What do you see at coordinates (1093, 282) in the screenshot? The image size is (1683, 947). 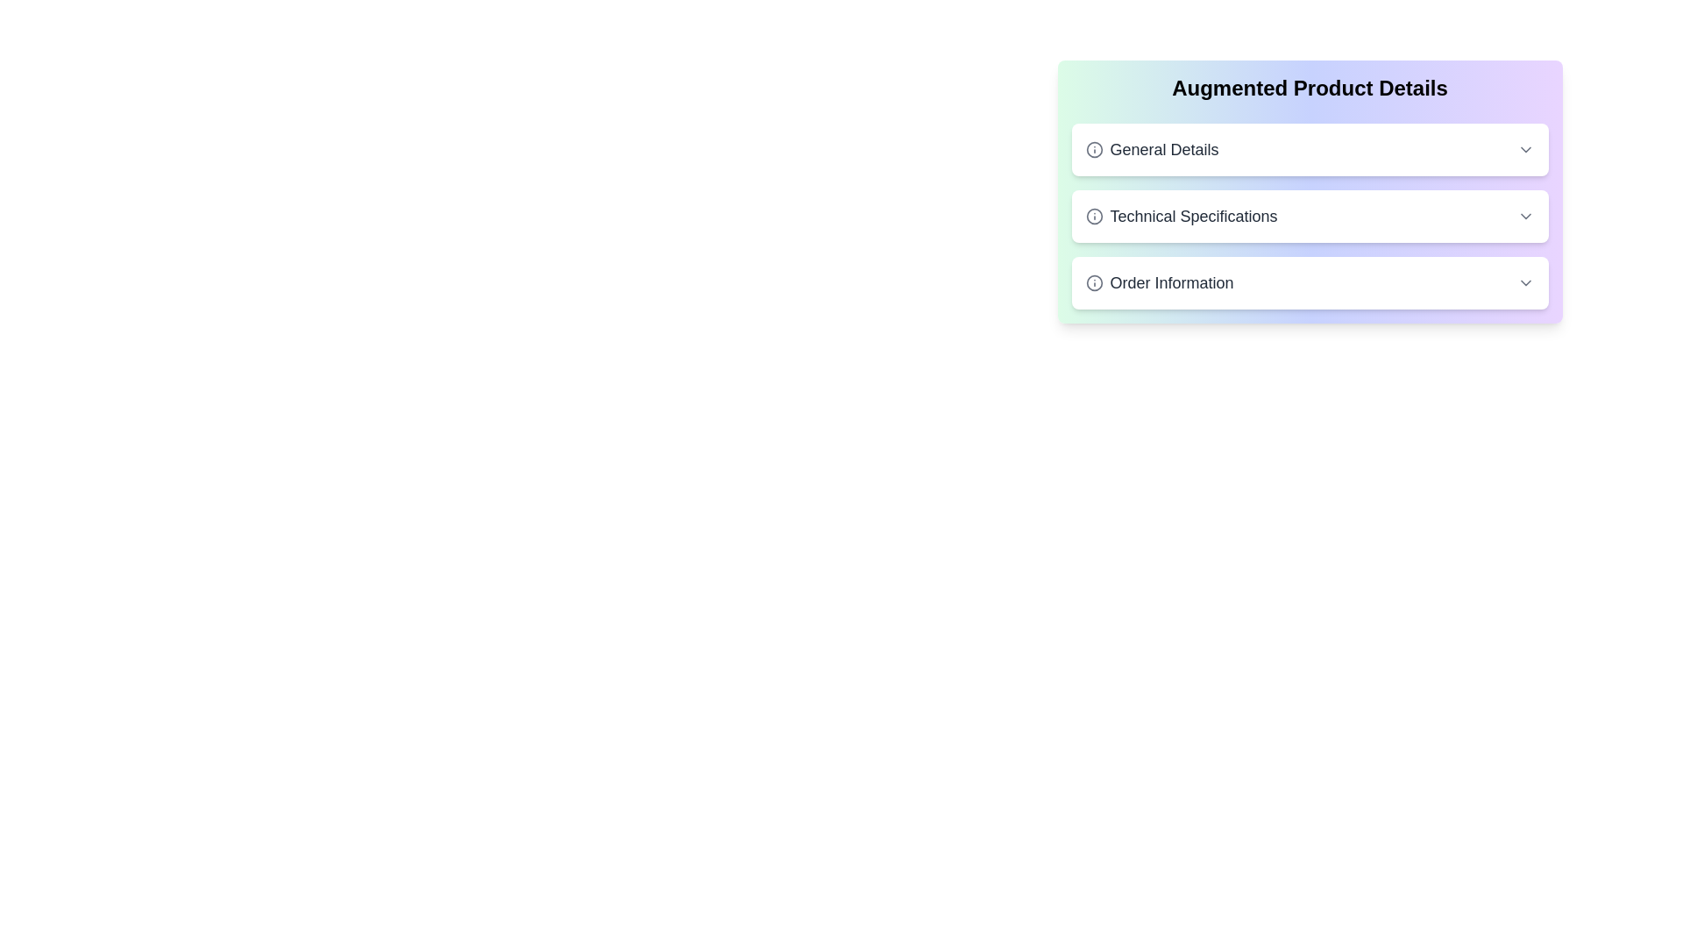 I see `the appearance of the circular component of the info icon located to the left of the 'Order Information' section title` at bounding box center [1093, 282].